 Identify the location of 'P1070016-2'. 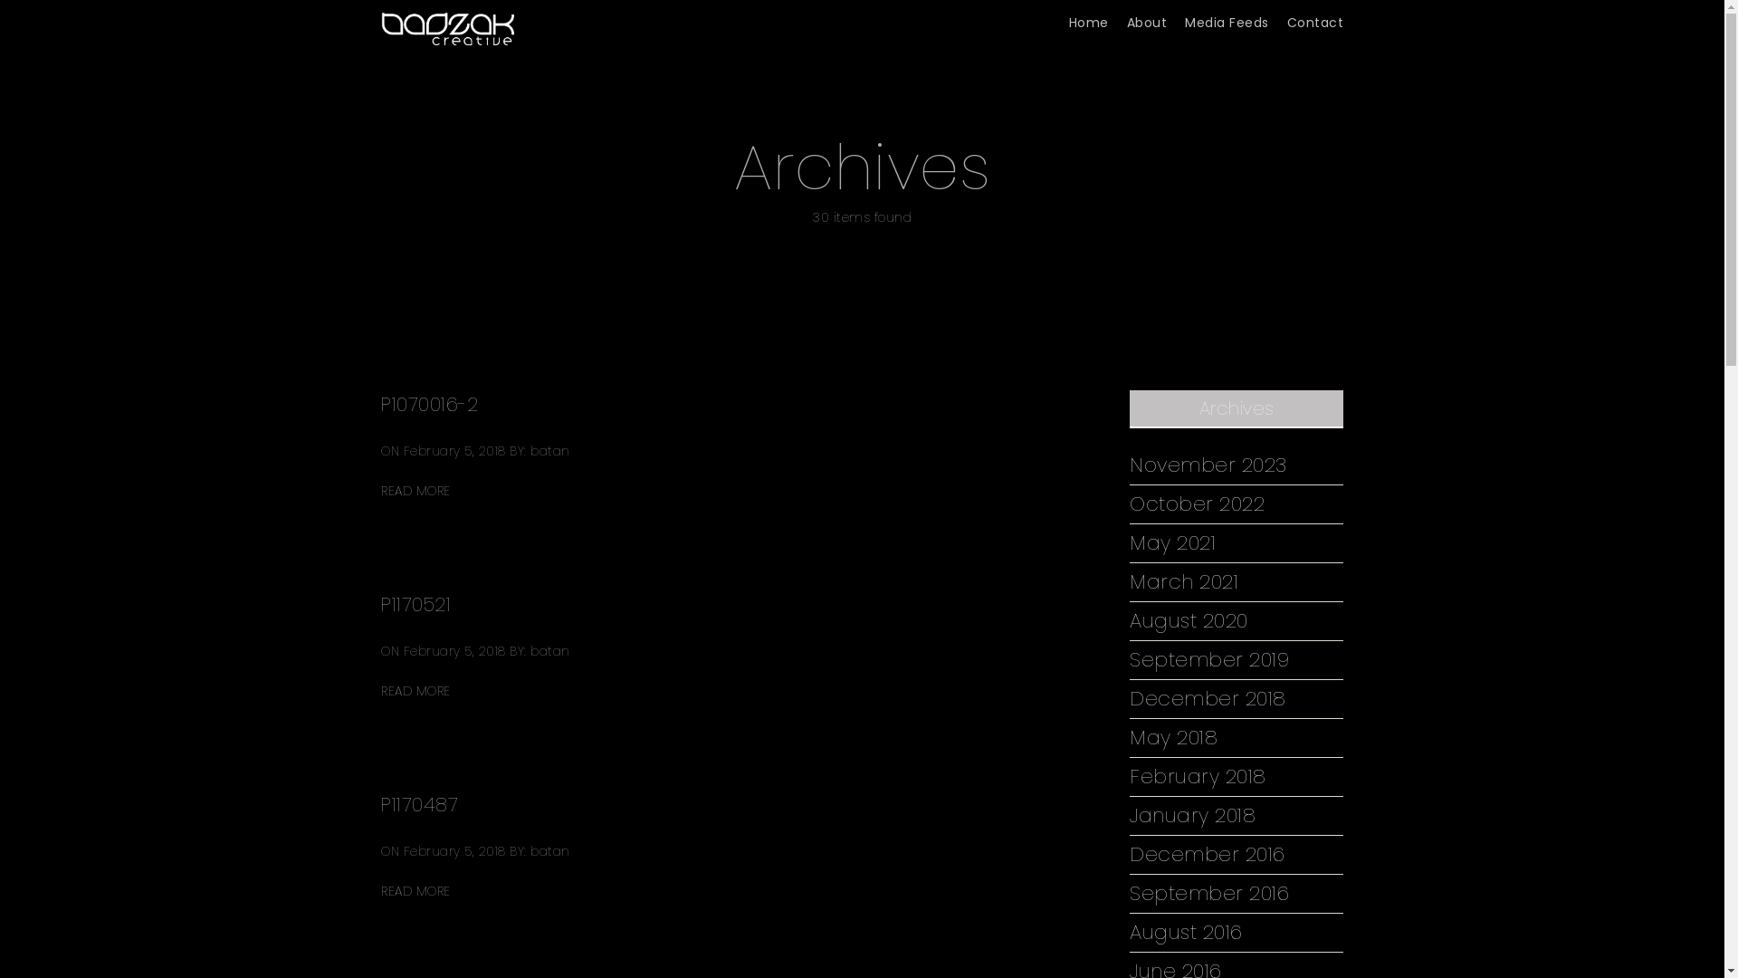
(428, 403).